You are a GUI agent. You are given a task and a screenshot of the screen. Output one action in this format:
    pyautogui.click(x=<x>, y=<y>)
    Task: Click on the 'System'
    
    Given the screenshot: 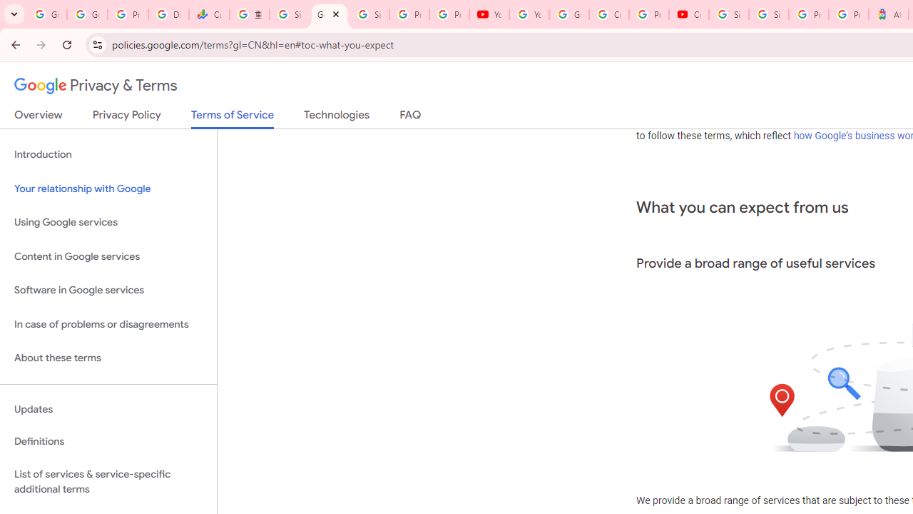 What is the action you would take?
    pyautogui.click(x=7, y=8)
    